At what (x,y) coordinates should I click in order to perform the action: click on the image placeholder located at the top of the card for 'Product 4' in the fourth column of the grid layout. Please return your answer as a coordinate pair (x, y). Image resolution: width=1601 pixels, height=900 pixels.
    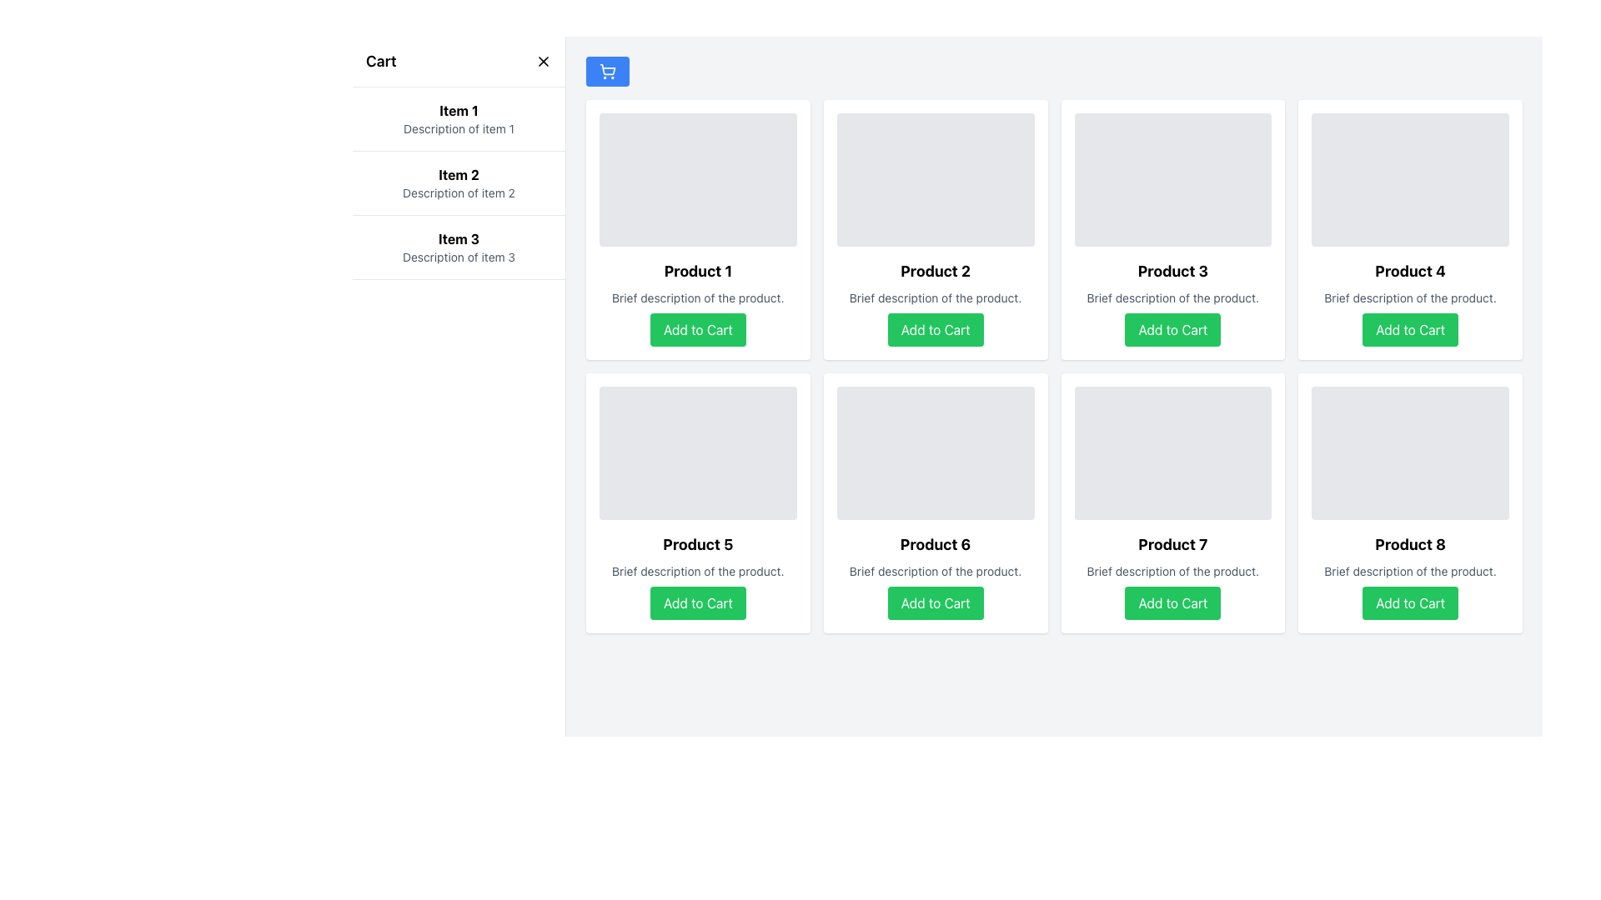
    Looking at the image, I should click on (1409, 180).